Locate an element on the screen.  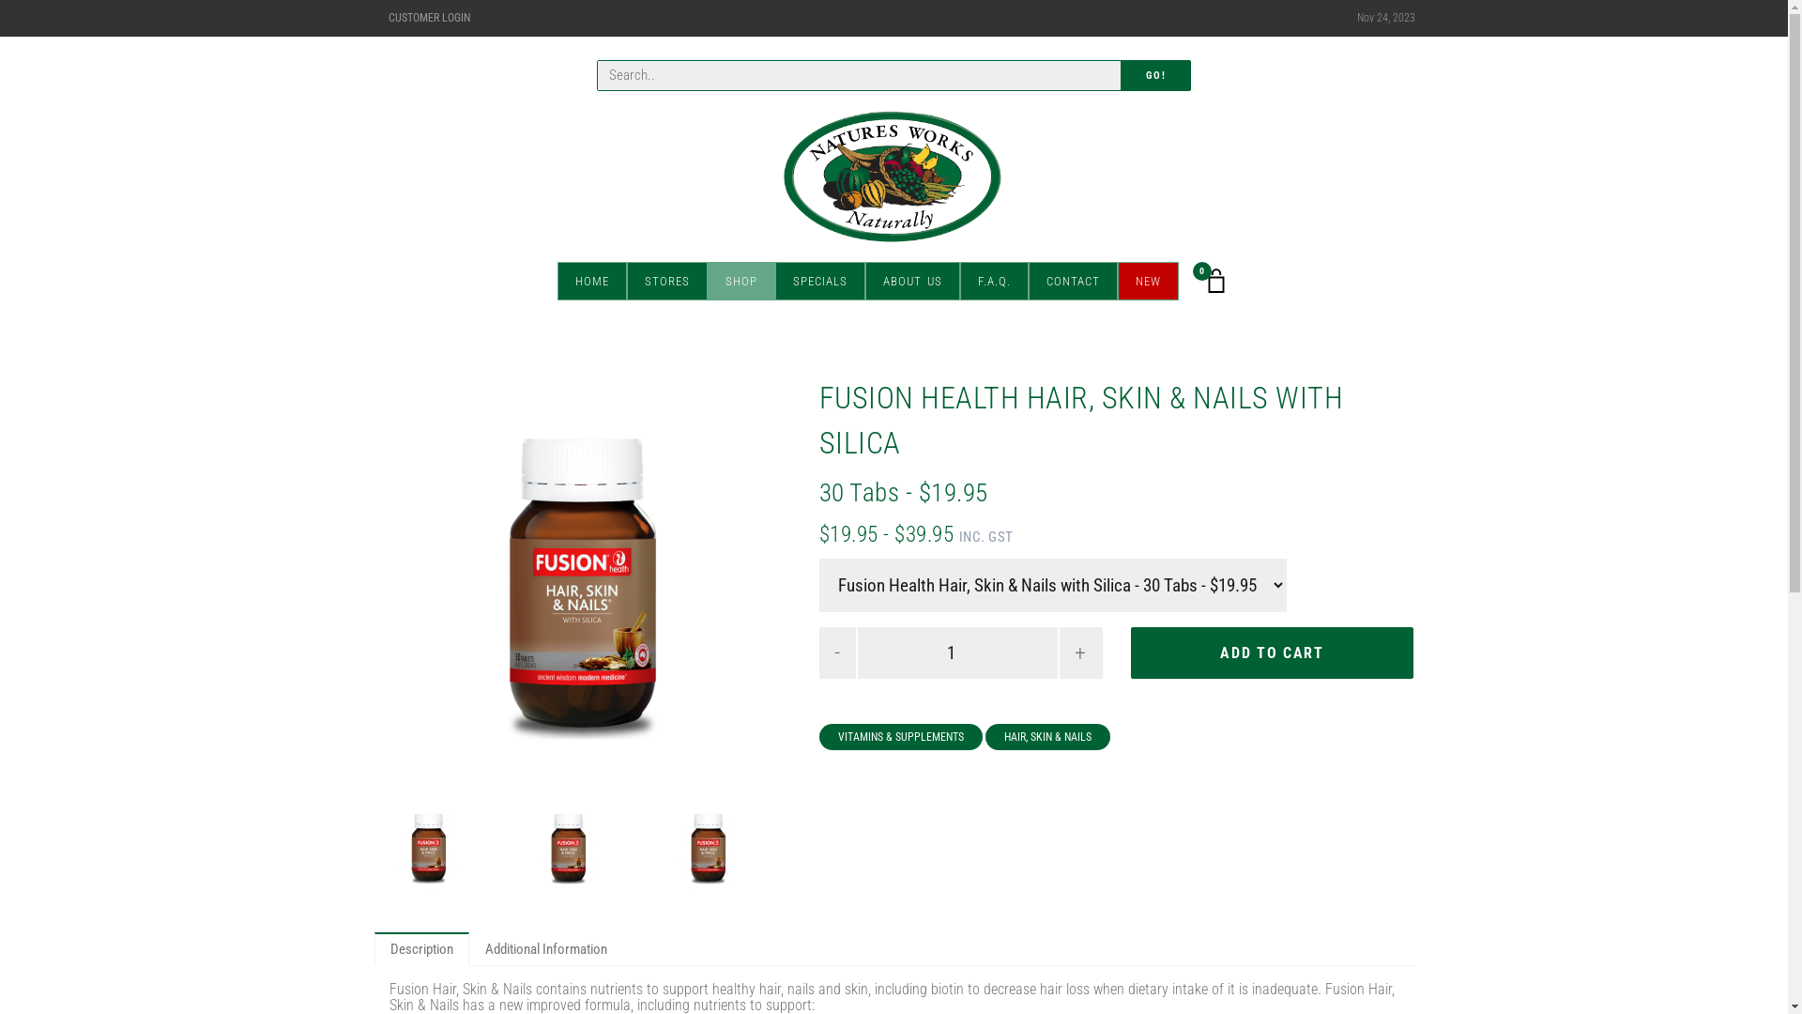
'SHOP' is located at coordinates (741, 280).